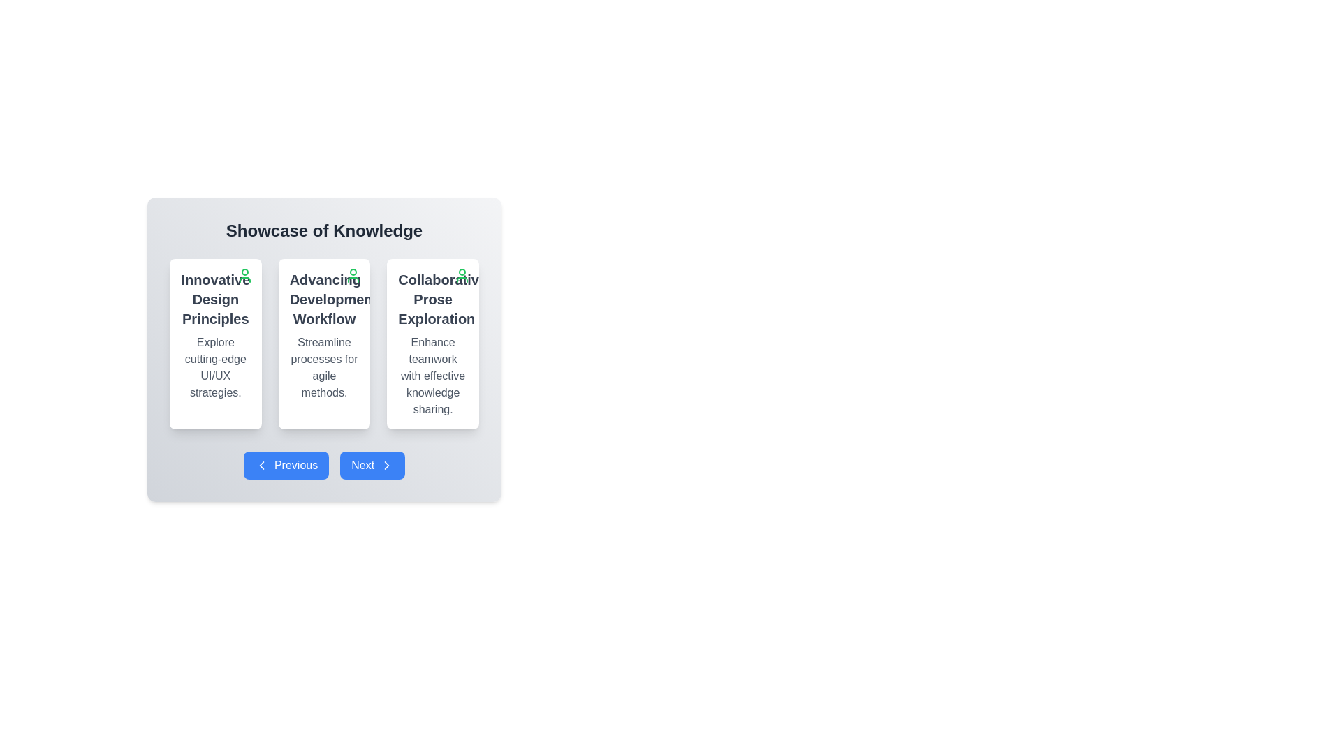  What do you see at coordinates (462, 275) in the screenshot?
I see `the user-related options icon located at the top-right corner of the 'Collaborative Prose Exploration' card to interact with user settings and profile functionalities` at bounding box center [462, 275].